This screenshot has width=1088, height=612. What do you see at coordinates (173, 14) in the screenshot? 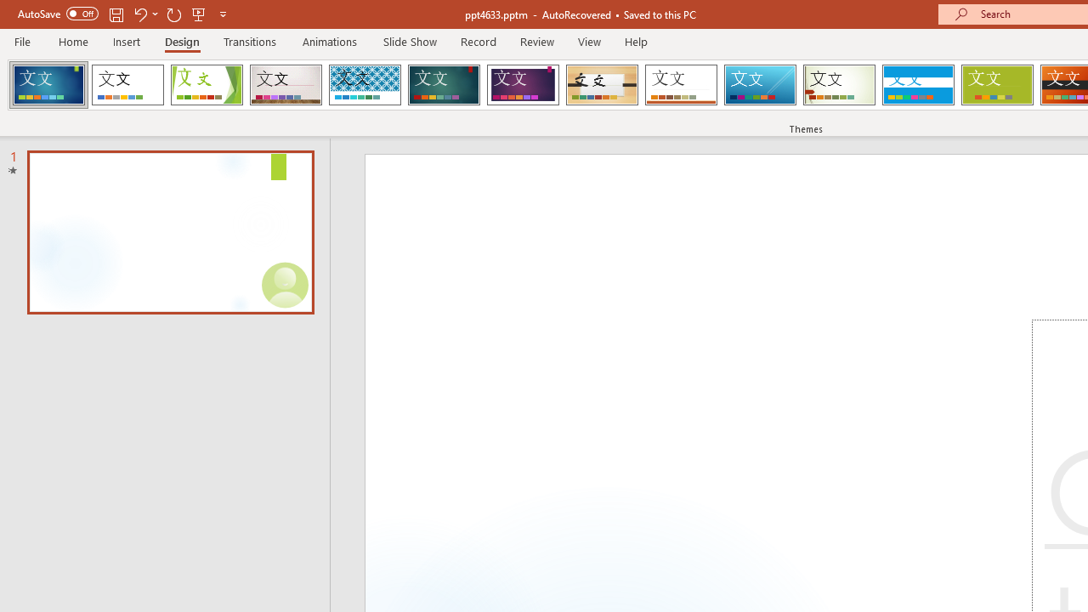
I see `'Redo'` at bounding box center [173, 14].